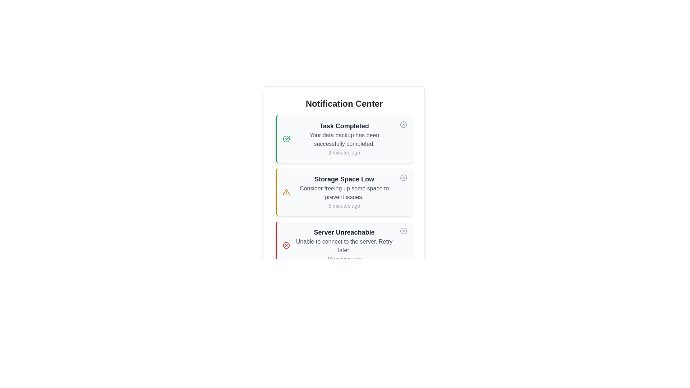  What do you see at coordinates (344, 246) in the screenshot?
I see `the static text label displaying the message 'Unable to connect to the server. Retry later.' which is located in the bottom section of the notification titled 'Server Unreachable'` at bounding box center [344, 246].